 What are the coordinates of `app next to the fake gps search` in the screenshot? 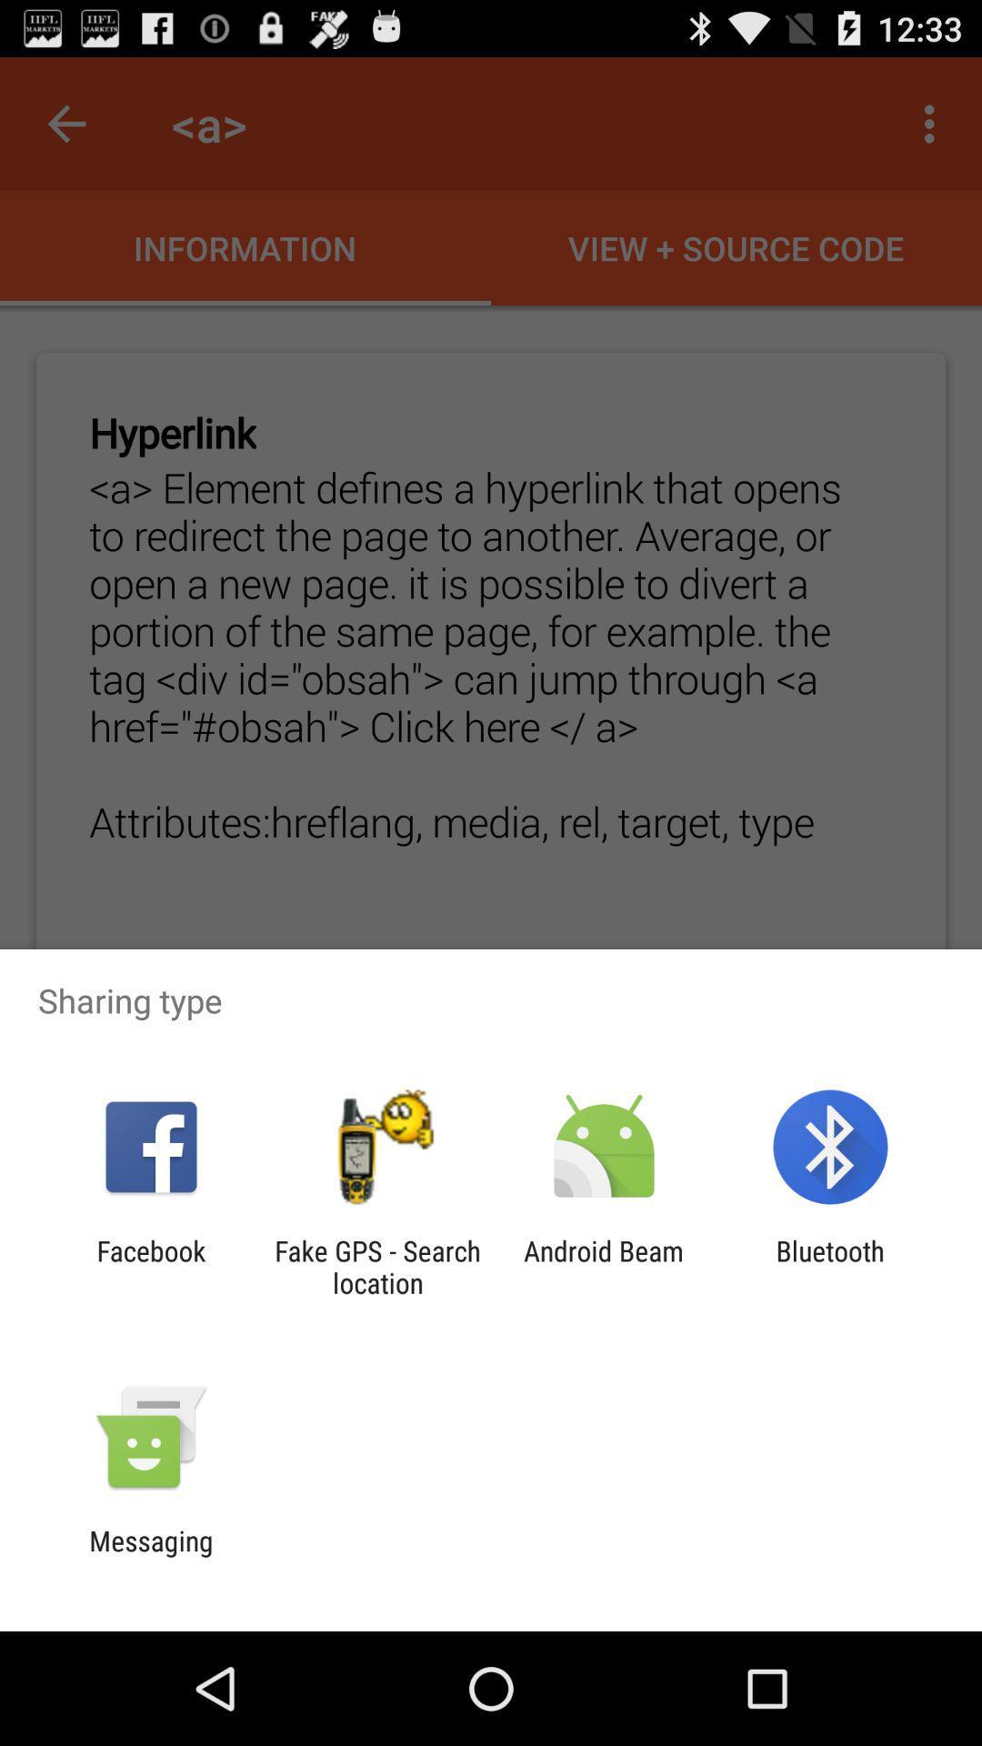 It's located at (604, 1266).